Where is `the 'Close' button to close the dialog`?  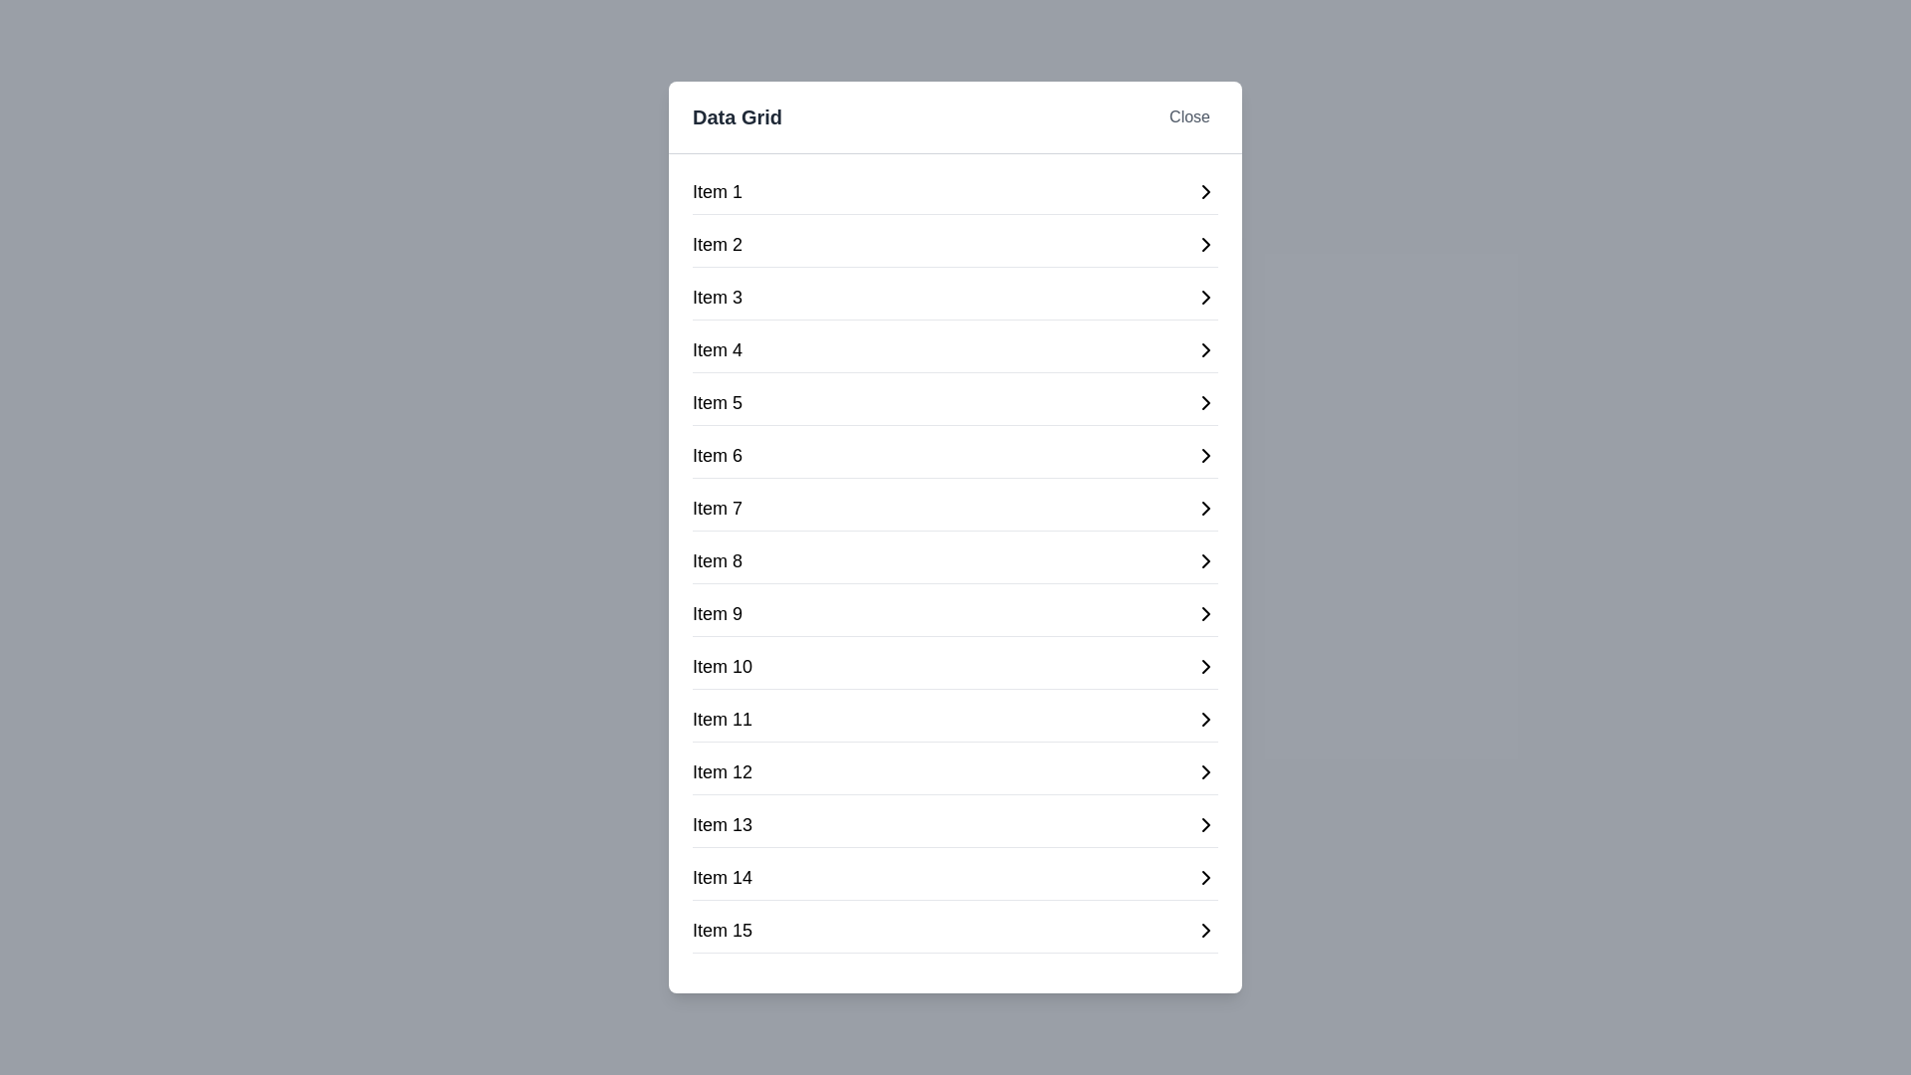
the 'Close' button to close the dialog is located at coordinates (1189, 117).